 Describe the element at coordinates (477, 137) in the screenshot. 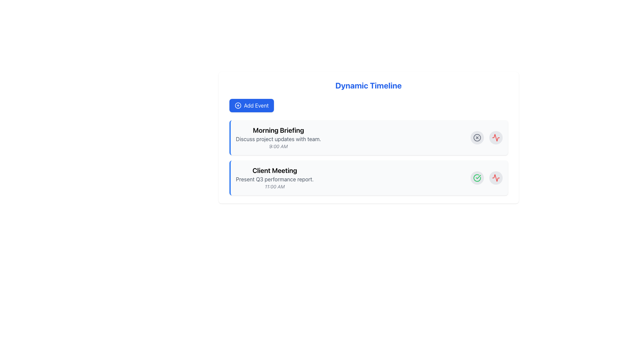

I see `the dismiss or delete button located to the right of the 'Morning Briefing' task entry` at that location.